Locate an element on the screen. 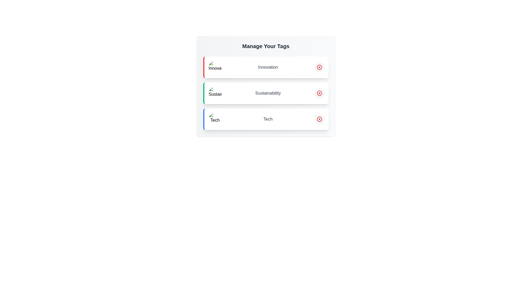 Image resolution: width=519 pixels, height=292 pixels. the tag item Sustainability to observe its hover effect is located at coordinates (266, 93).